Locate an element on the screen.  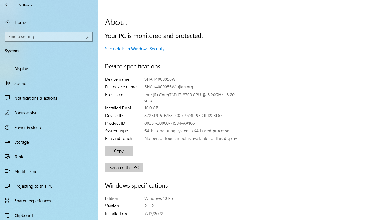
'Display' is located at coordinates (49, 68).